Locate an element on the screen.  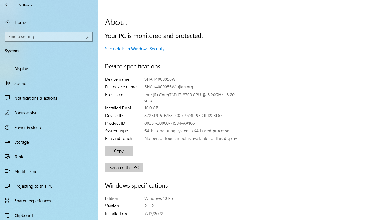
'Display' is located at coordinates (49, 68).